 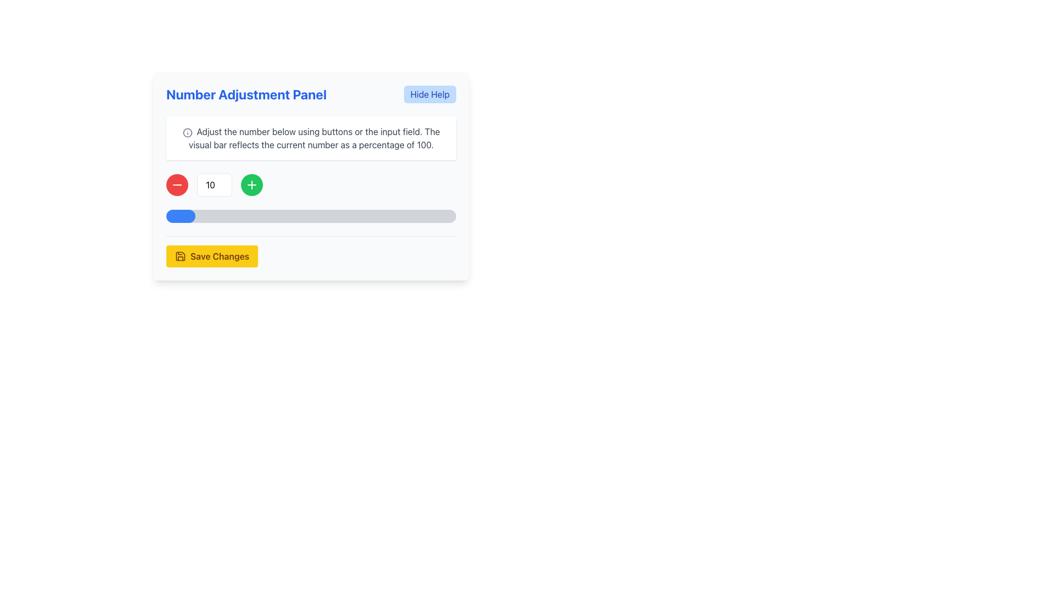 What do you see at coordinates (310, 184) in the screenshot?
I see `the minus button in the Number Adjustment Panel to decrease the numeric value` at bounding box center [310, 184].